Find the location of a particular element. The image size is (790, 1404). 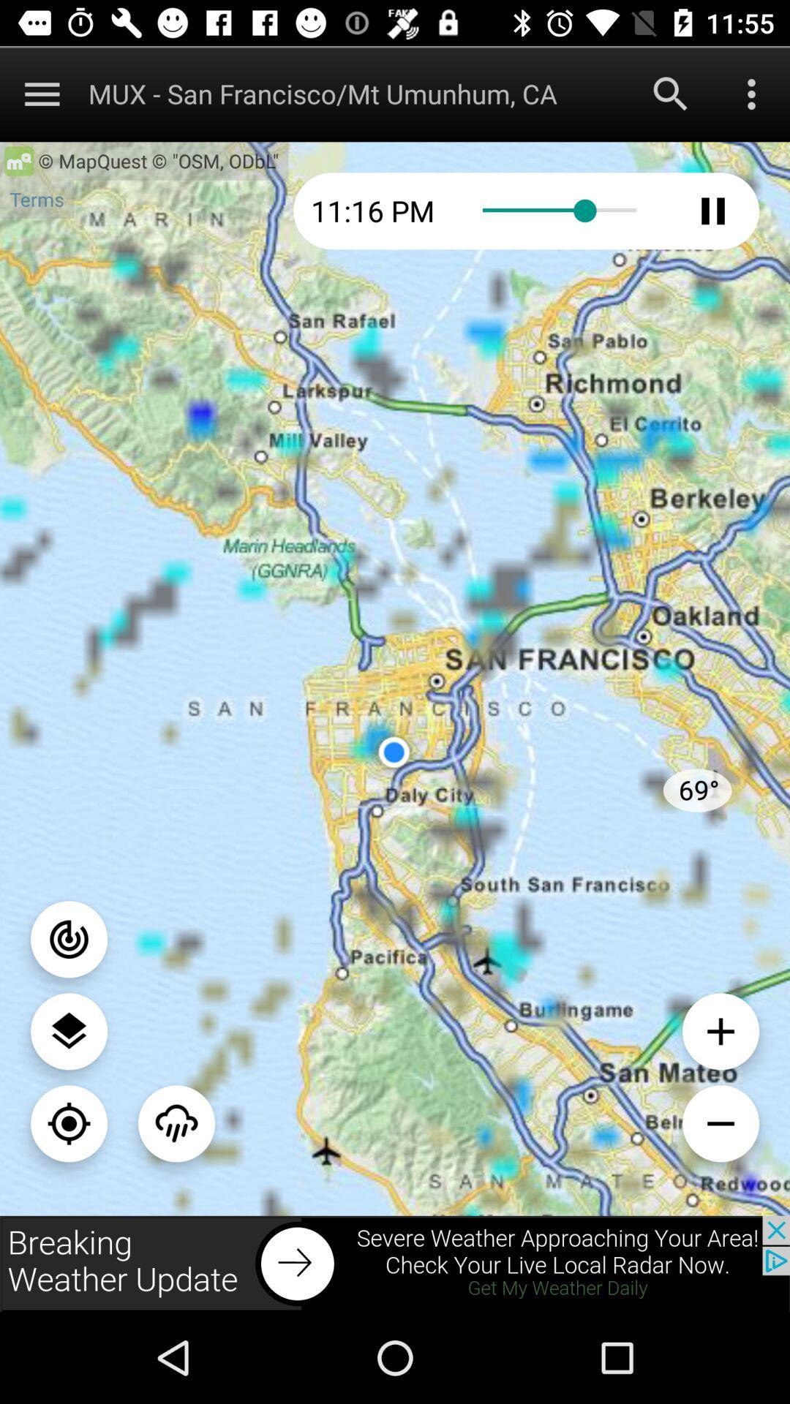

next the pages is located at coordinates (395, 1263).